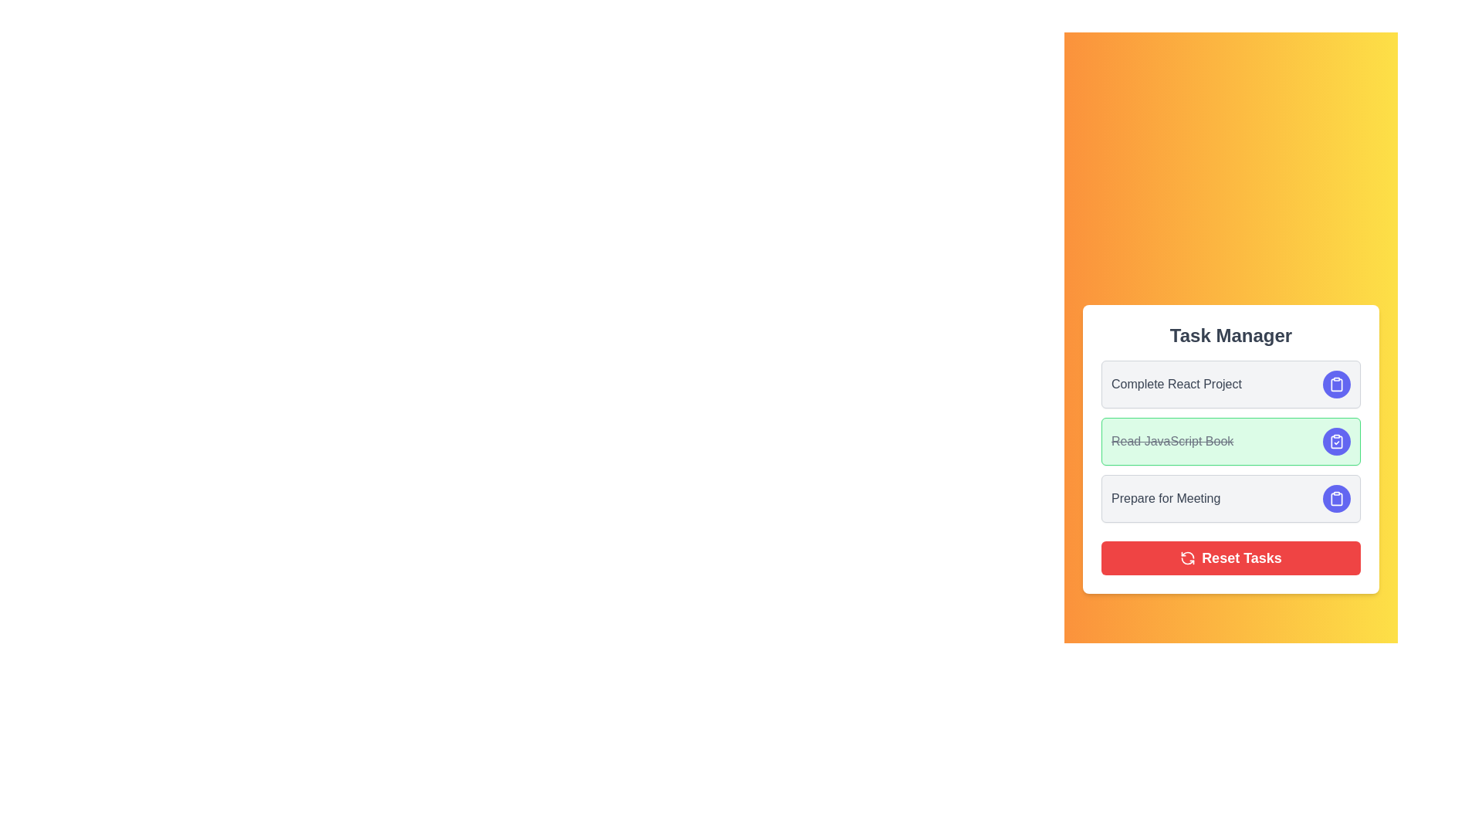  Describe the element at coordinates (1336, 383) in the screenshot. I see `the clipboard icon located to the right of the task item labeled 'Read JavaScript Book' in the task management interface` at that location.